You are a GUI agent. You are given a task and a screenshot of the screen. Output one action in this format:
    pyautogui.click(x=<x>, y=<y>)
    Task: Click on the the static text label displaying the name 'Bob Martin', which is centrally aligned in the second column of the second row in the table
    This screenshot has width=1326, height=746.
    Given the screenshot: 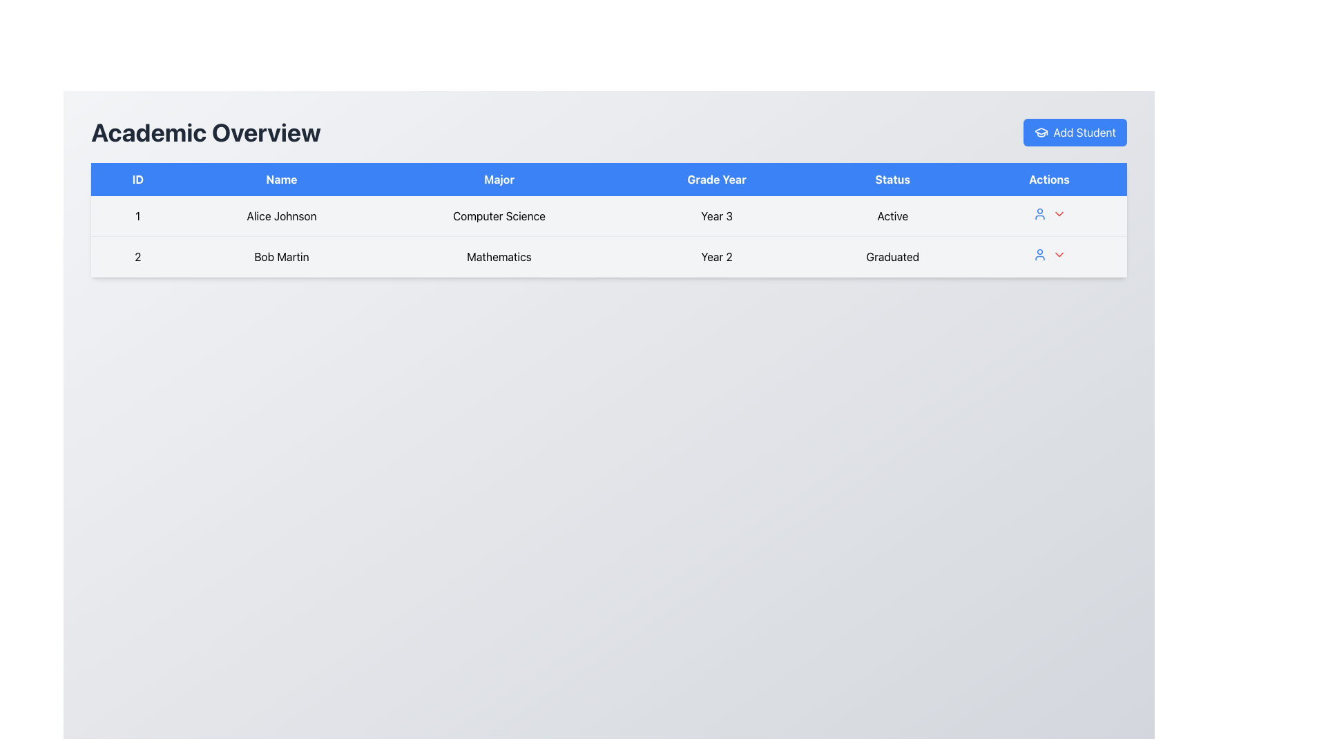 What is the action you would take?
    pyautogui.click(x=281, y=256)
    